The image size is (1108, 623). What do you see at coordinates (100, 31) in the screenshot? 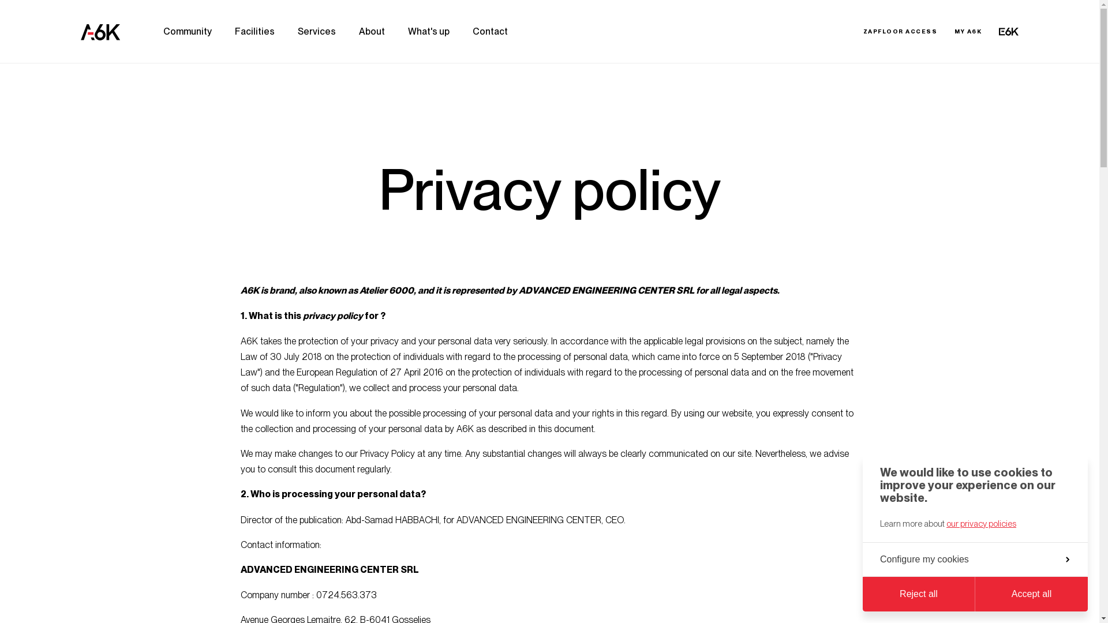
I see `'A6K EN'` at bounding box center [100, 31].